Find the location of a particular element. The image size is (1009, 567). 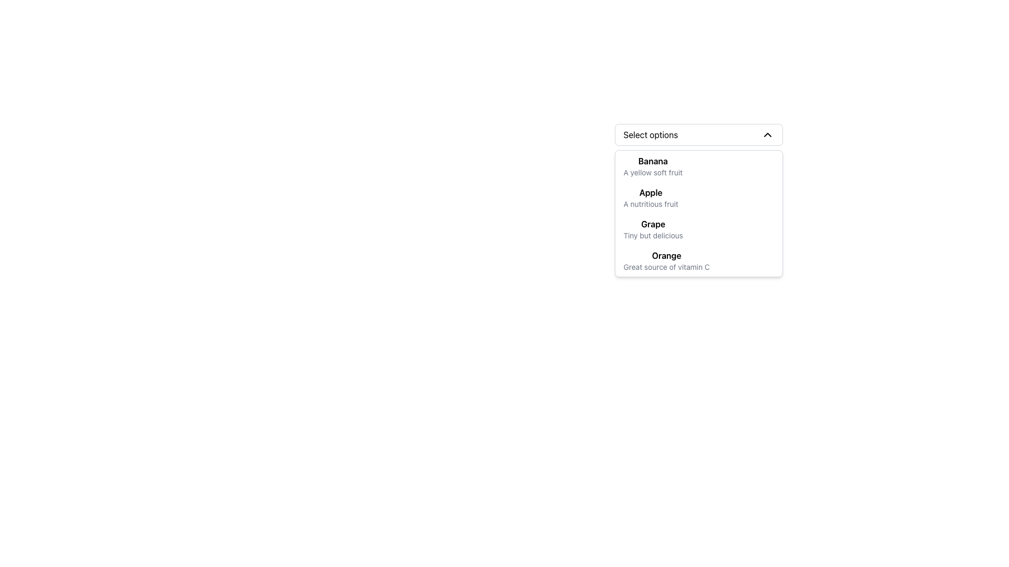

the 'Grape' option in the dropdown menu is located at coordinates (698, 223).